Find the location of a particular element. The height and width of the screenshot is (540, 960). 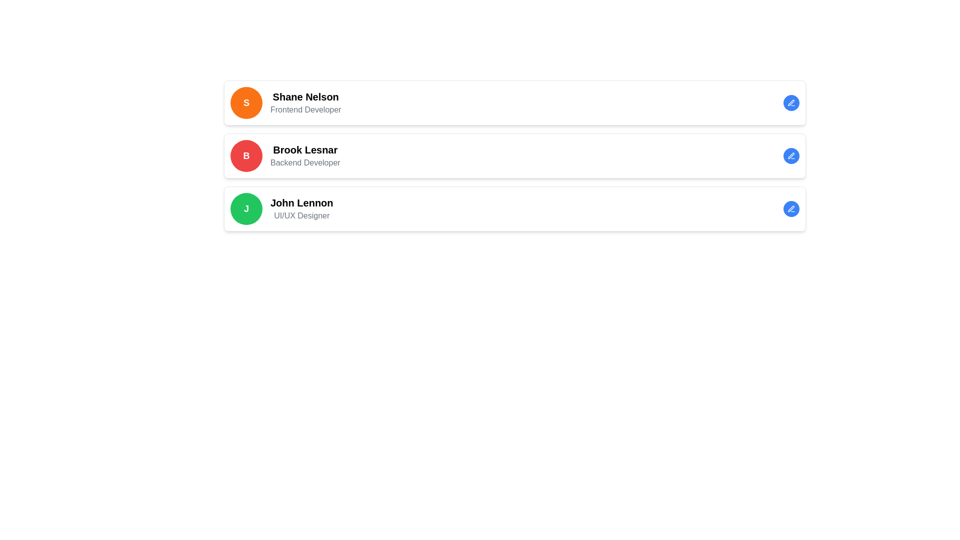

on the text label displaying 'John Lennon', which is the first line in the profile list and is located above the subtitle 'UI/UX Designer' is located at coordinates (301, 202).